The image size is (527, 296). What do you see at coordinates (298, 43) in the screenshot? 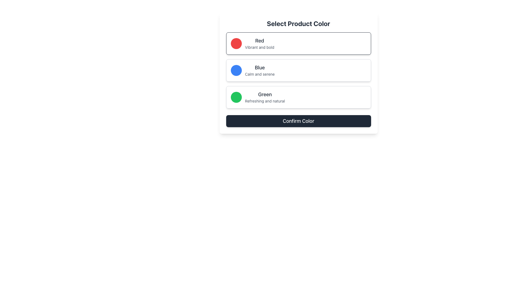
I see `the selectable list item that indicates the 'Red' color choice` at bounding box center [298, 43].